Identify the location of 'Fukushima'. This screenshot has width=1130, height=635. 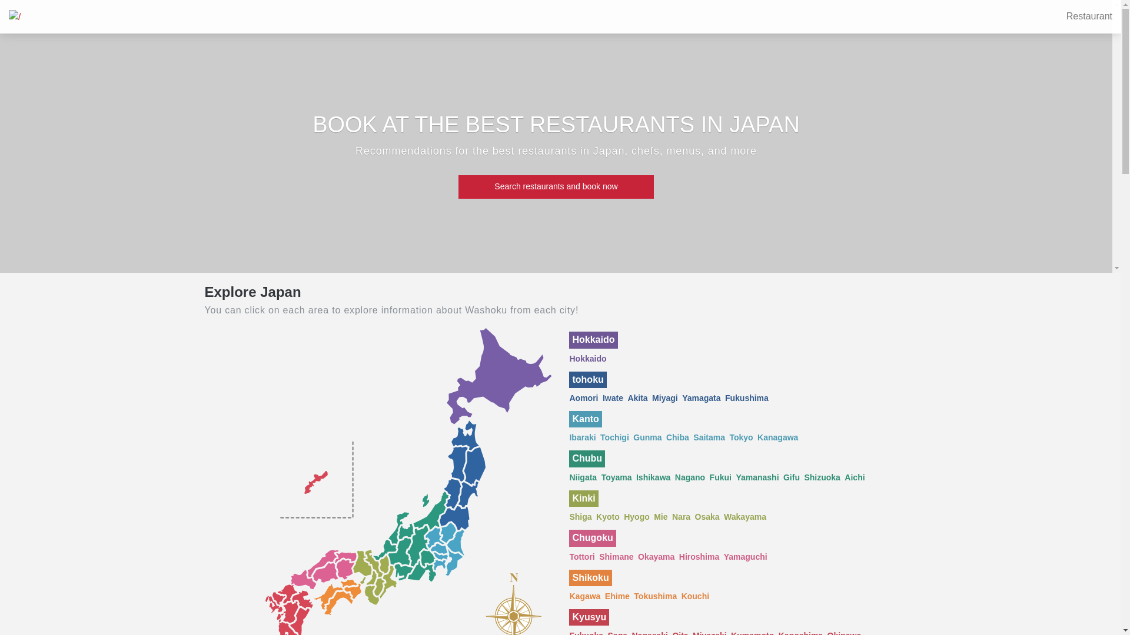
(746, 397).